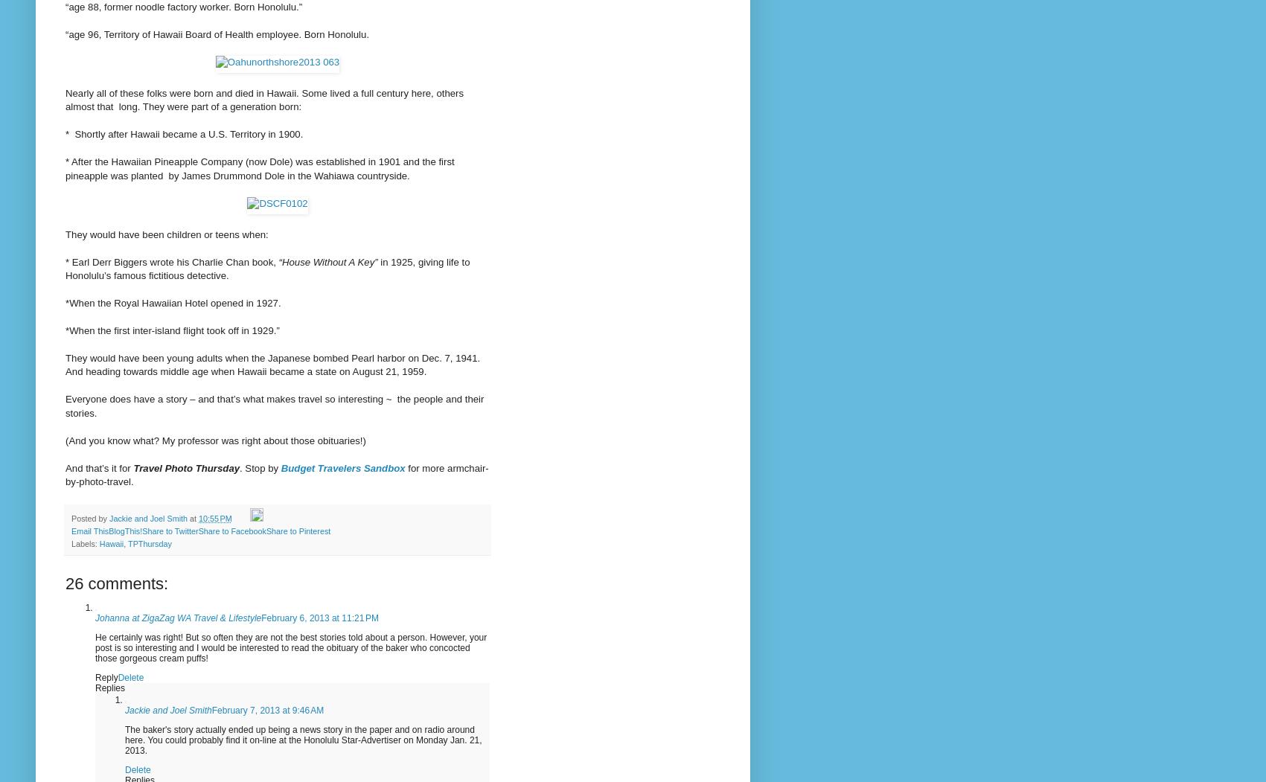 Image resolution: width=1266 pixels, height=782 pixels. Describe the element at coordinates (211, 708) in the screenshot. I see `'February 7, 2013 at 9:46 AM'` at that location.